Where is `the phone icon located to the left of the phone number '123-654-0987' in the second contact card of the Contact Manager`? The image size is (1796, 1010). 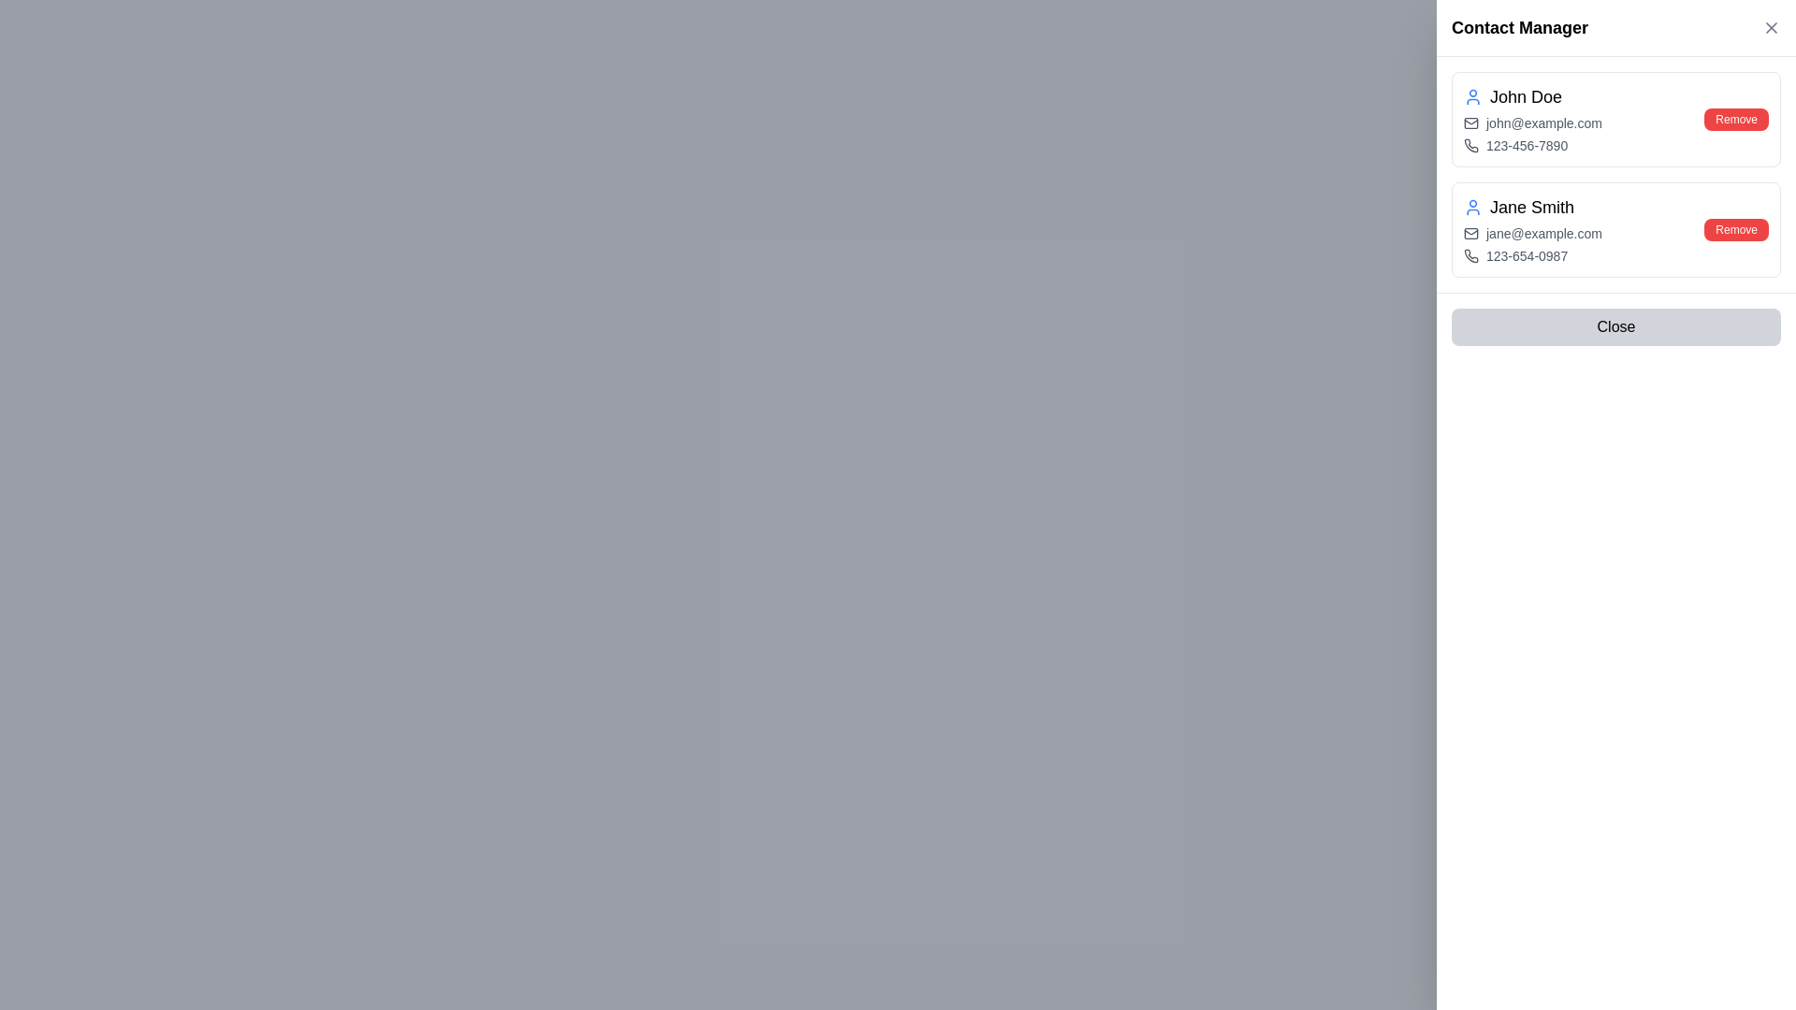
the phone icon located to the left of the phone number '123-654-0987' in the second contact card of the Contact Manager is located at coordinates (1470, 255).